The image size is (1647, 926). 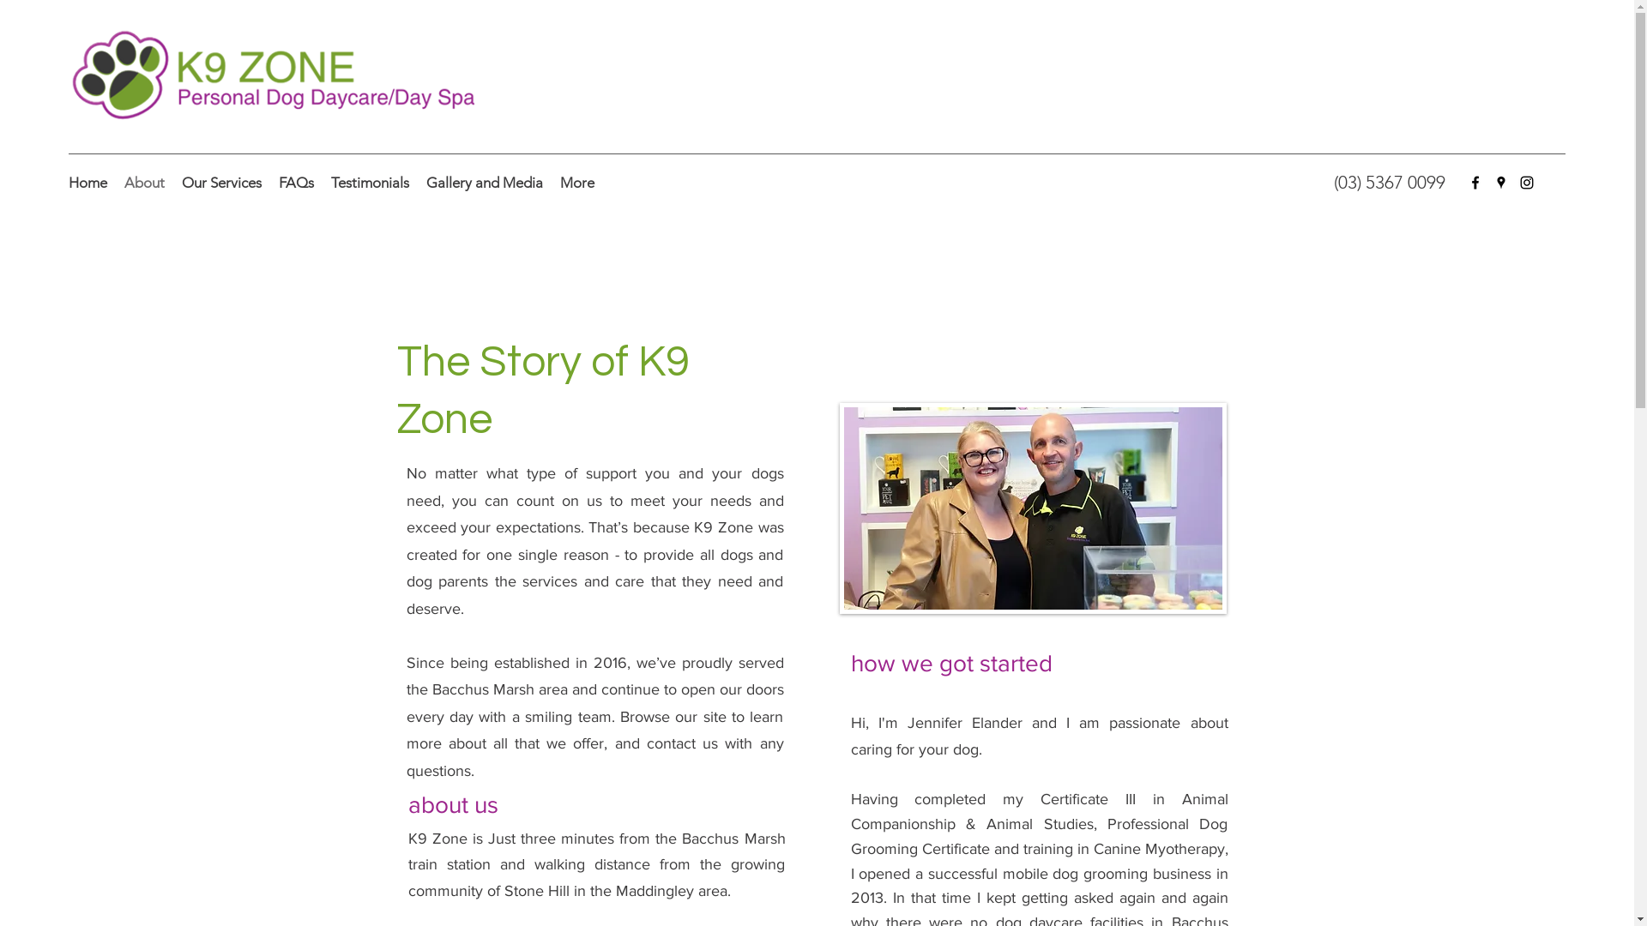 What do you see at coordinates (87, 182) in the screenshot?
I see `'Home'` at bounding box center [87, 182].